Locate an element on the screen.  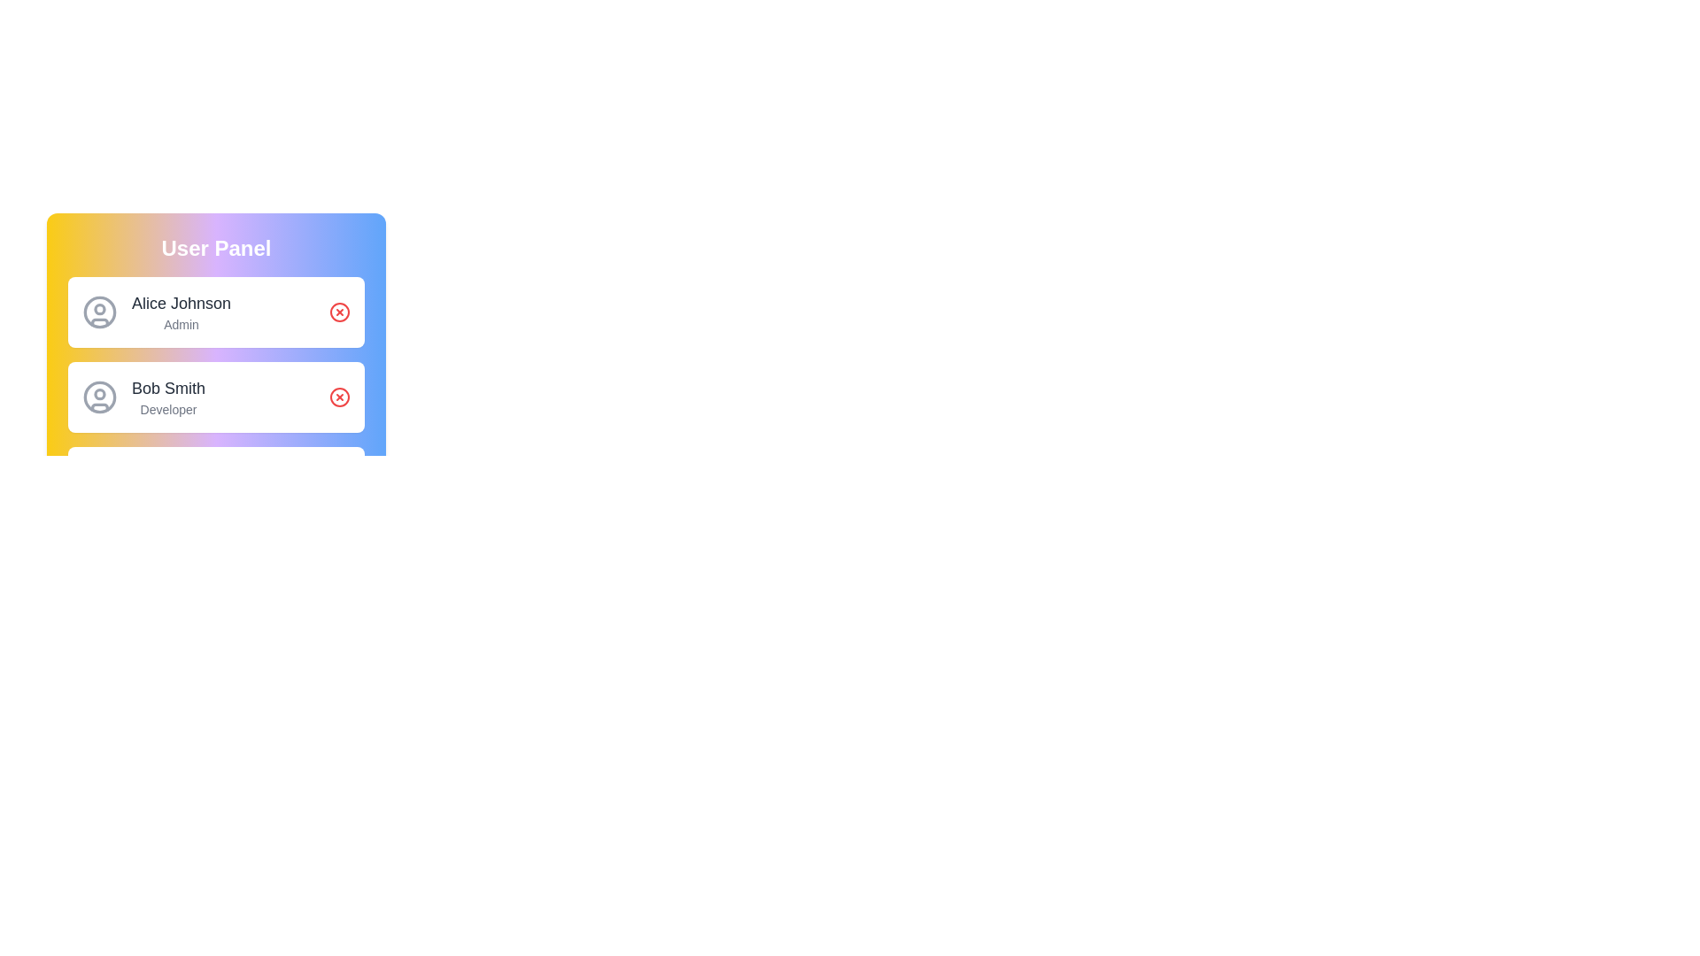
the second user card in the User Panel is located at coordinates (215, 396).